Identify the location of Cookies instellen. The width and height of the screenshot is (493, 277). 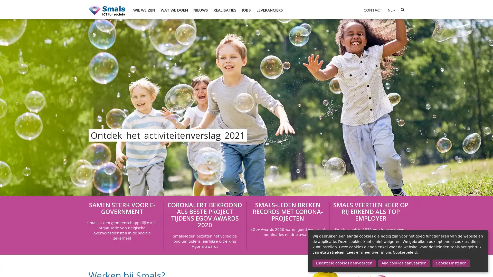
(451, 263).